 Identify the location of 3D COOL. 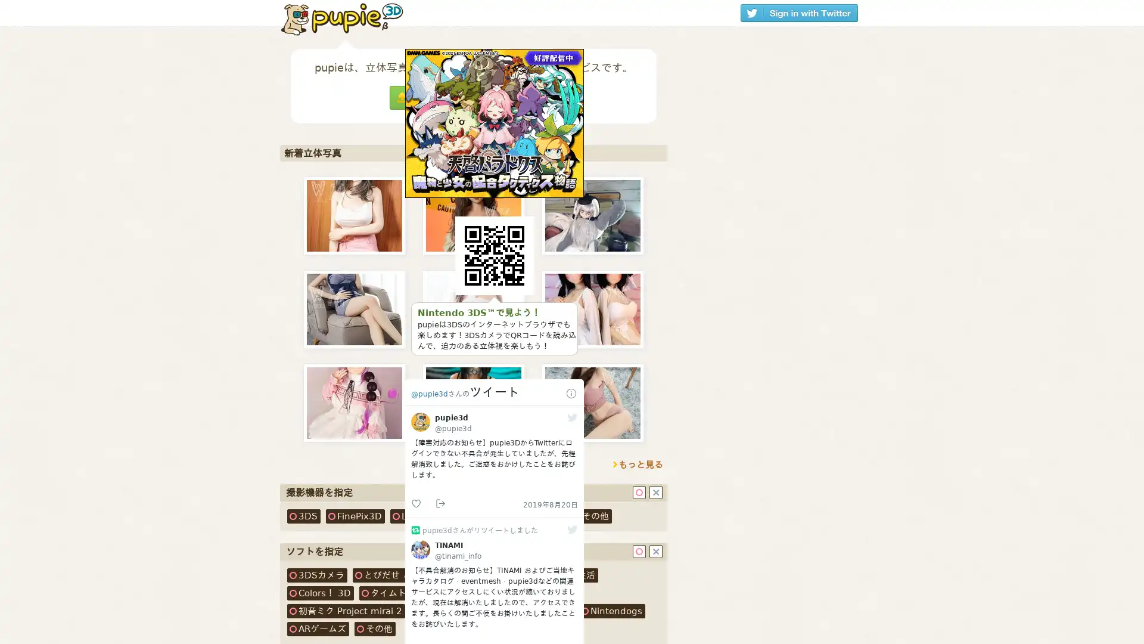
(486, 516).